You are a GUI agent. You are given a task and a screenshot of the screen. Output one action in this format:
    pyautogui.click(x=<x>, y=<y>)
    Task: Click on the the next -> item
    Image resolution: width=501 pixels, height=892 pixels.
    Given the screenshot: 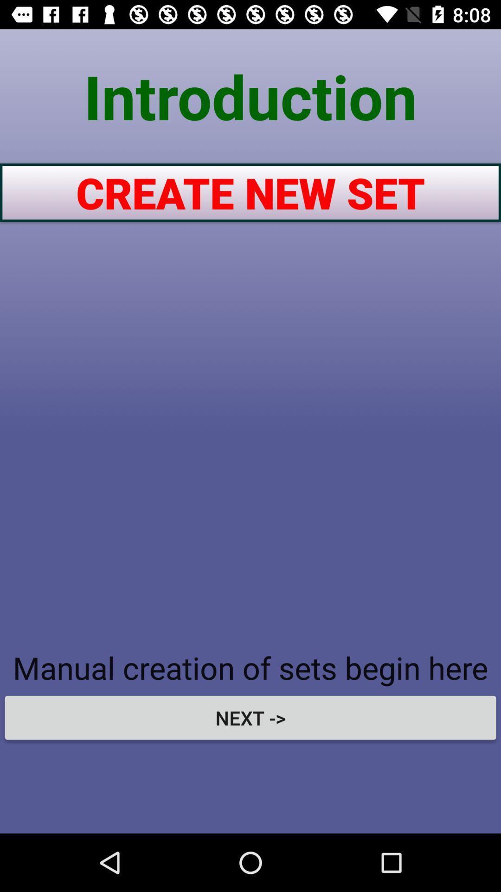 What is the action you would take?
    pyautogui.click(x=250, y=717)
    